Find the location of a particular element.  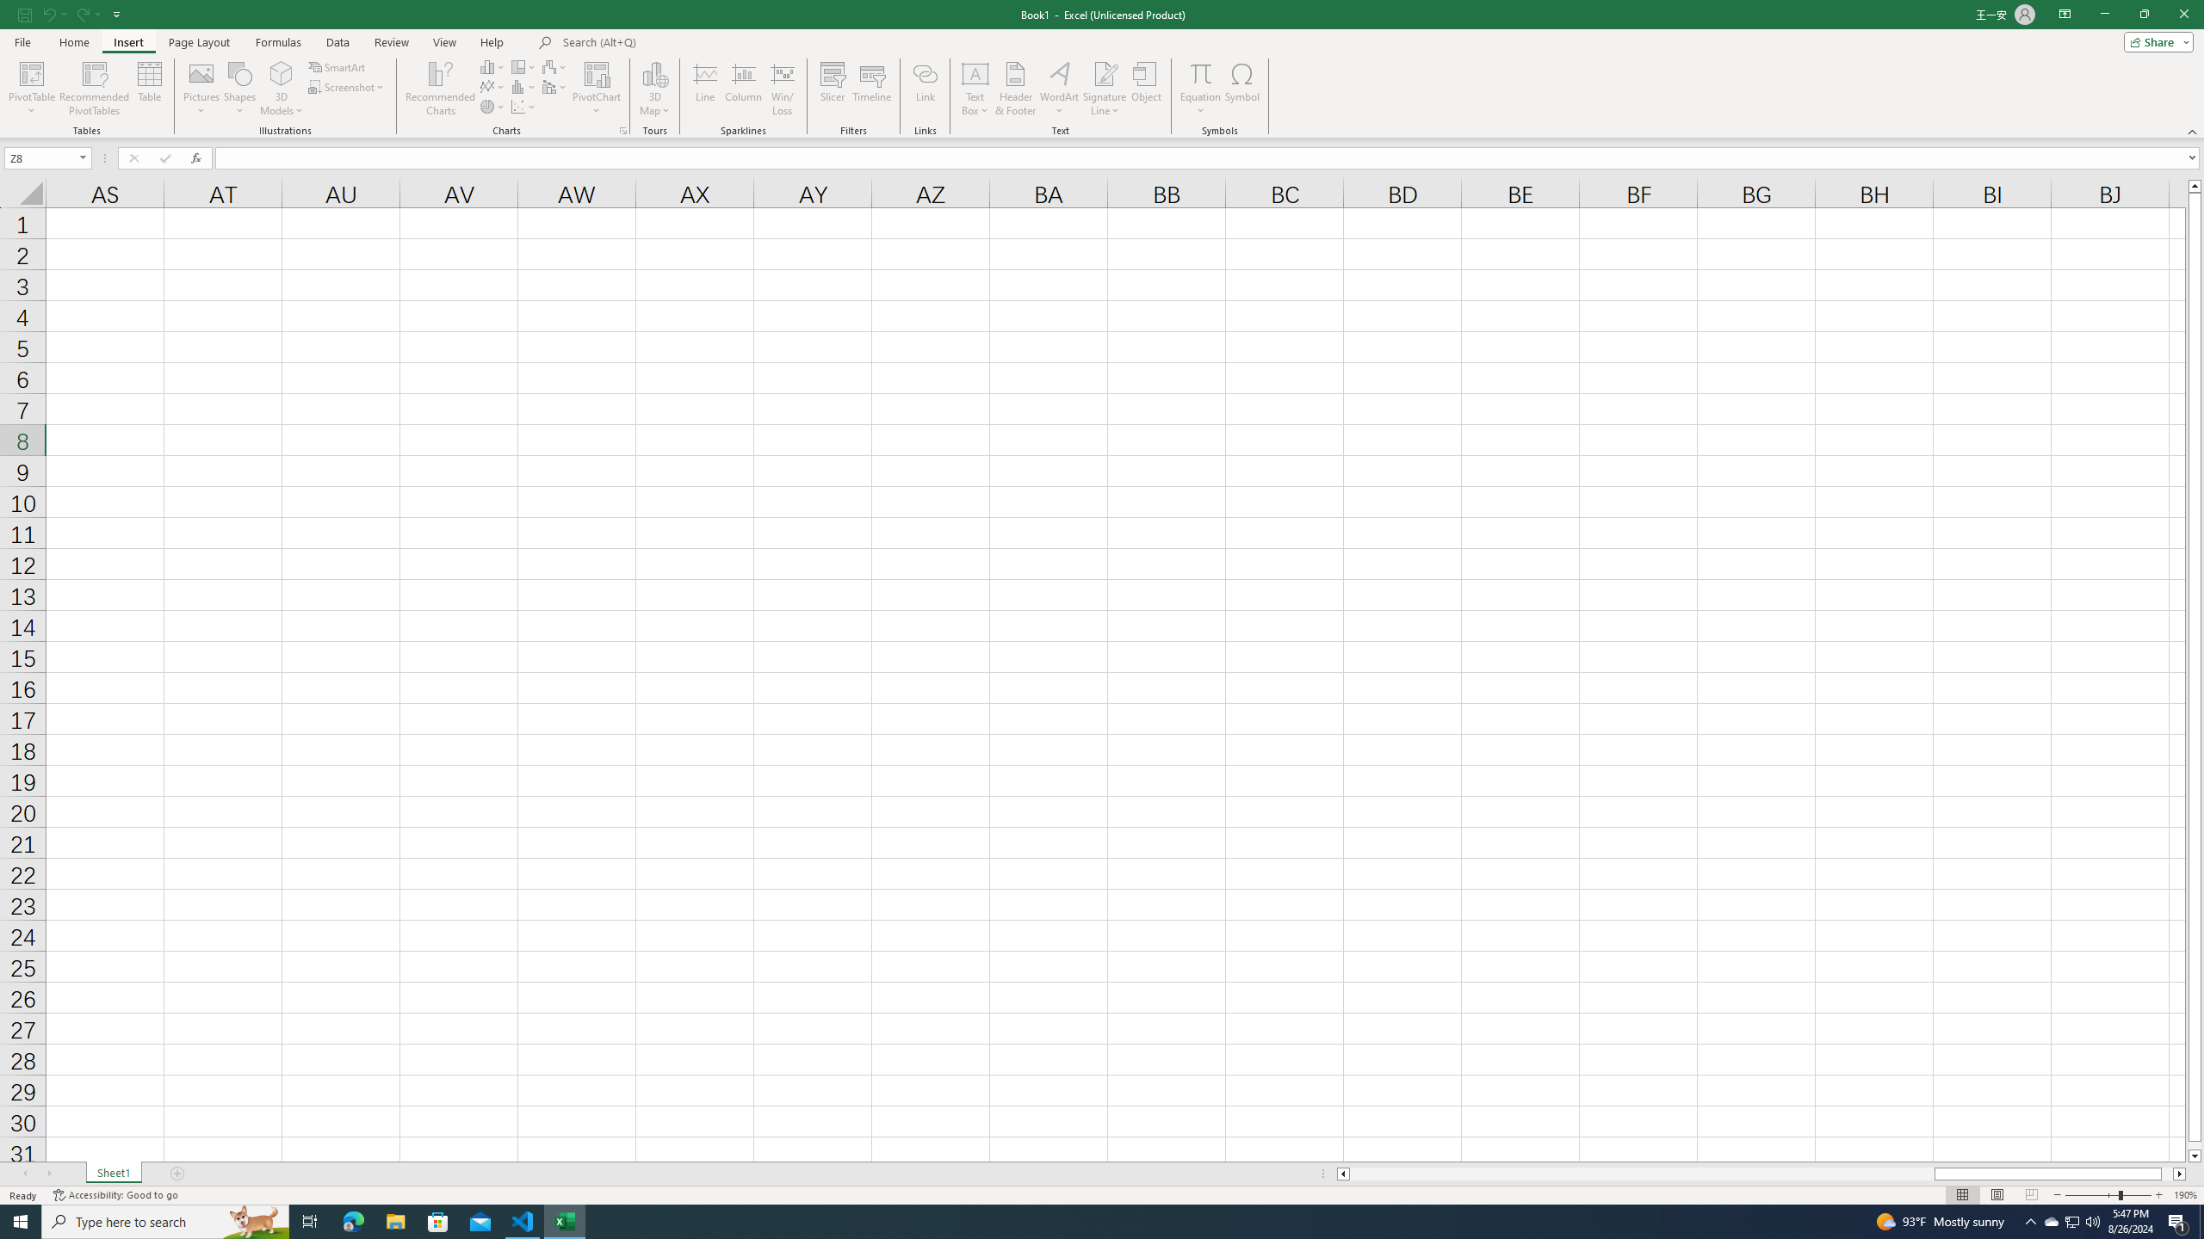

'3D Models' is located at coordinates (281, 72).